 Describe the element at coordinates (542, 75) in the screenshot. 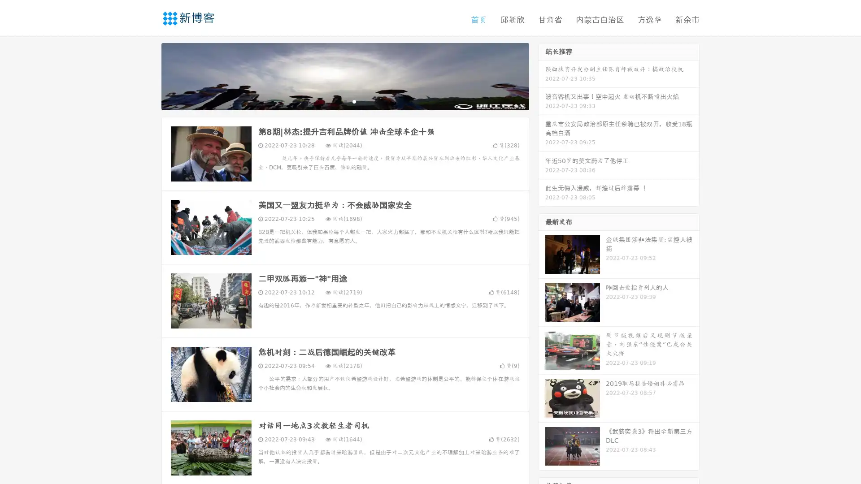

I see `Next slide` at that location.